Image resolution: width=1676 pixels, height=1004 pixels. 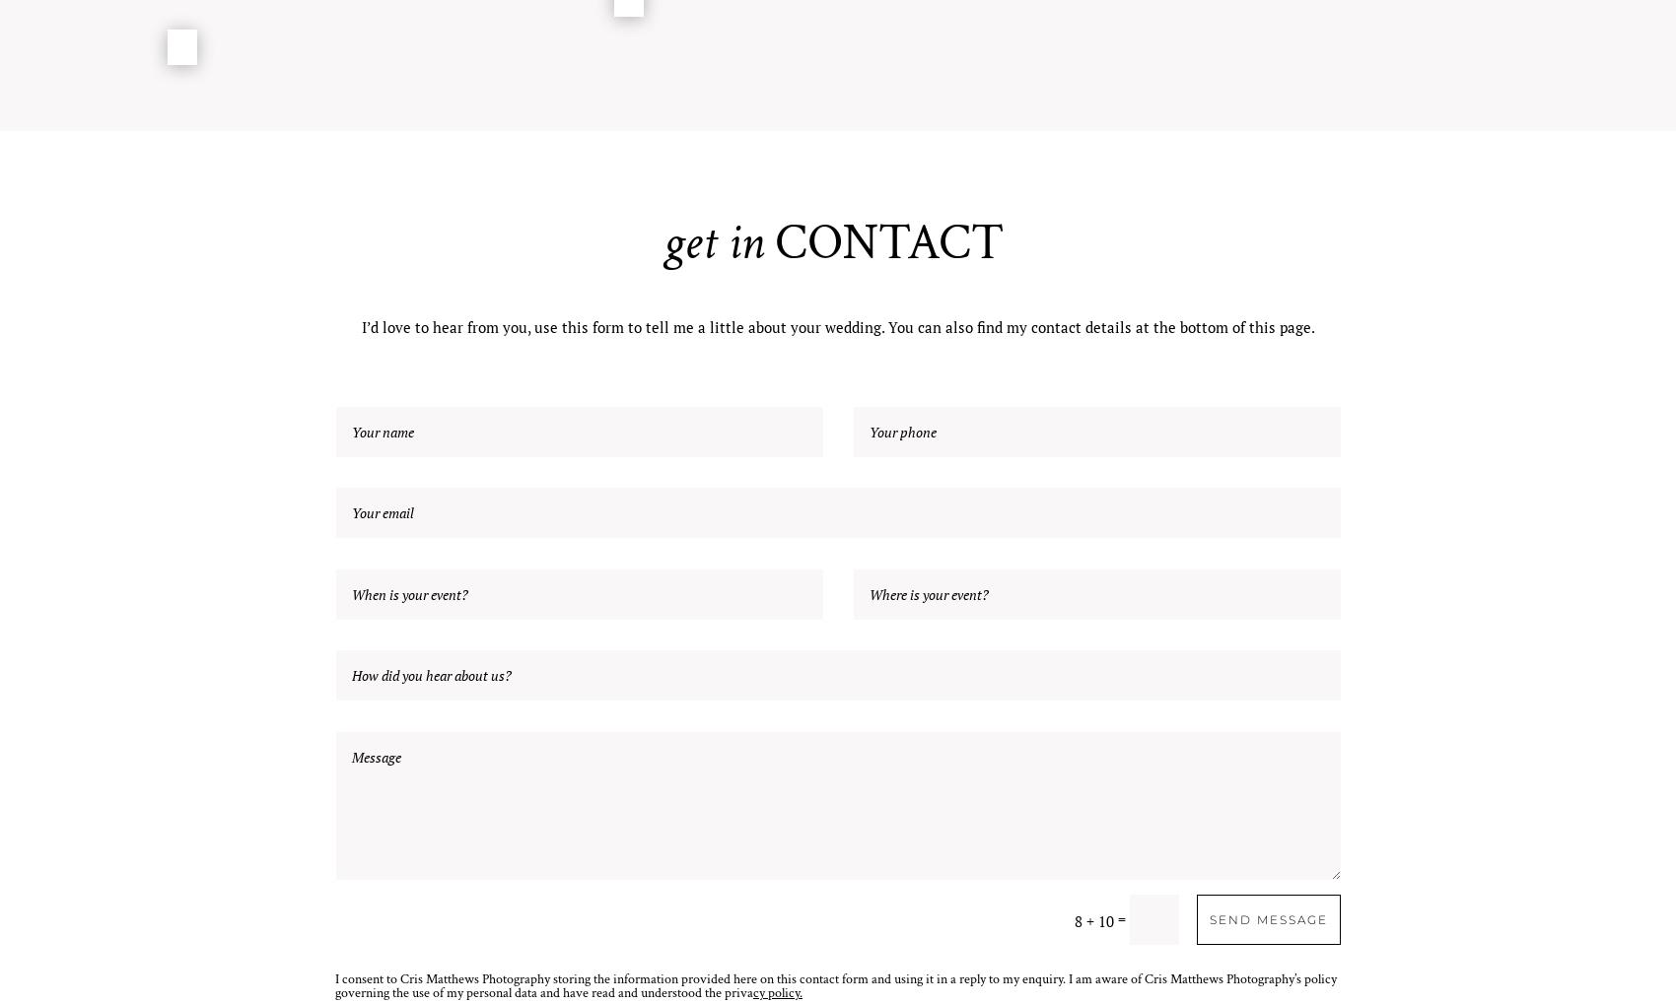 What do you see at coordinates (763, 243) in the screenshot?
I see `'CONTACT'` at bounding box center [763, 243].